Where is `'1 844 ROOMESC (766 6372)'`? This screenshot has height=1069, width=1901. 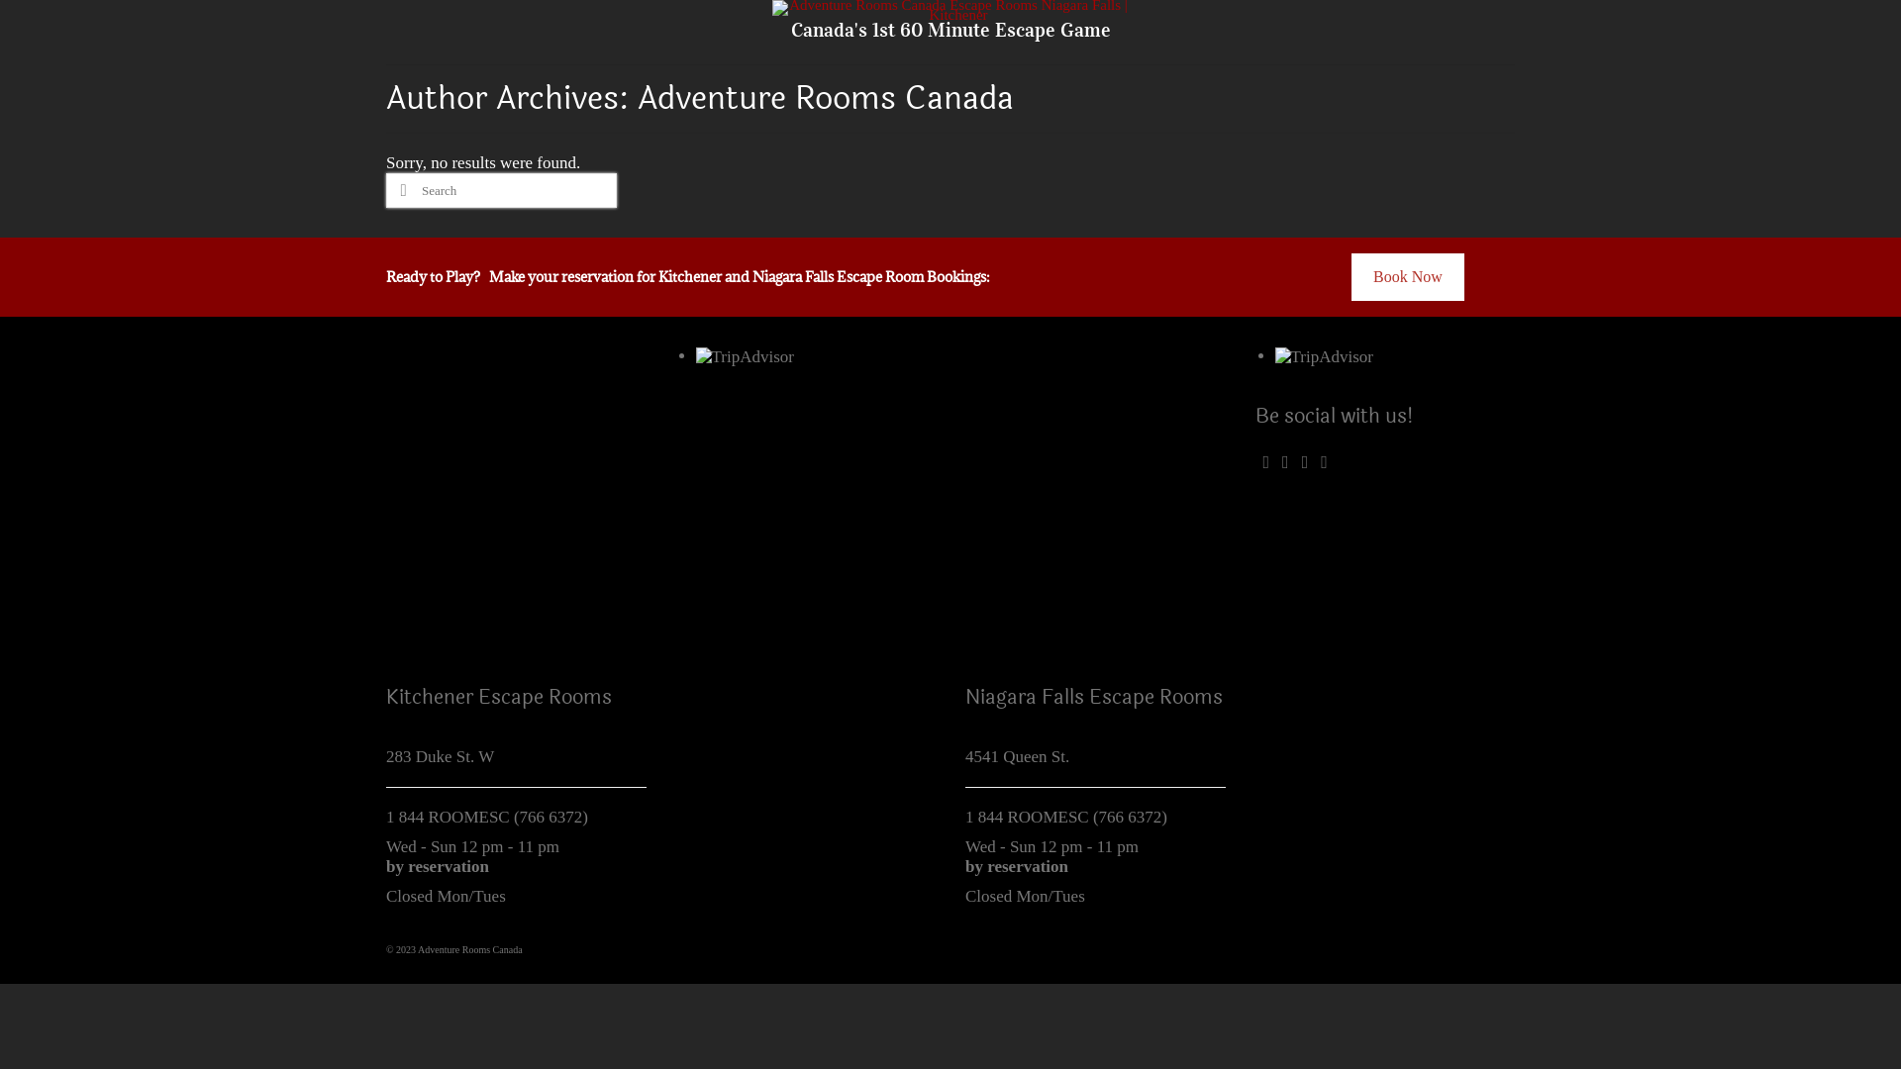
'1 844 ROOMESC (766 6372)' is located at coordinates (486, 817).